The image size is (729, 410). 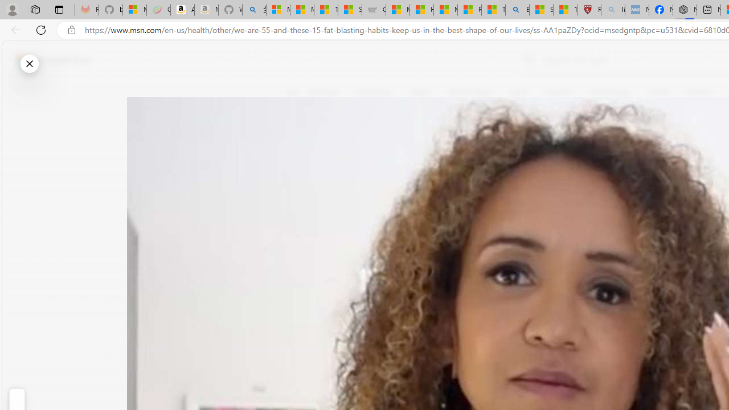 What do you see at coordinates (421, 10) in the screenshot?
I see `'How I Got Rid of Microsoft Edge'` at bounding box center [421, 10].